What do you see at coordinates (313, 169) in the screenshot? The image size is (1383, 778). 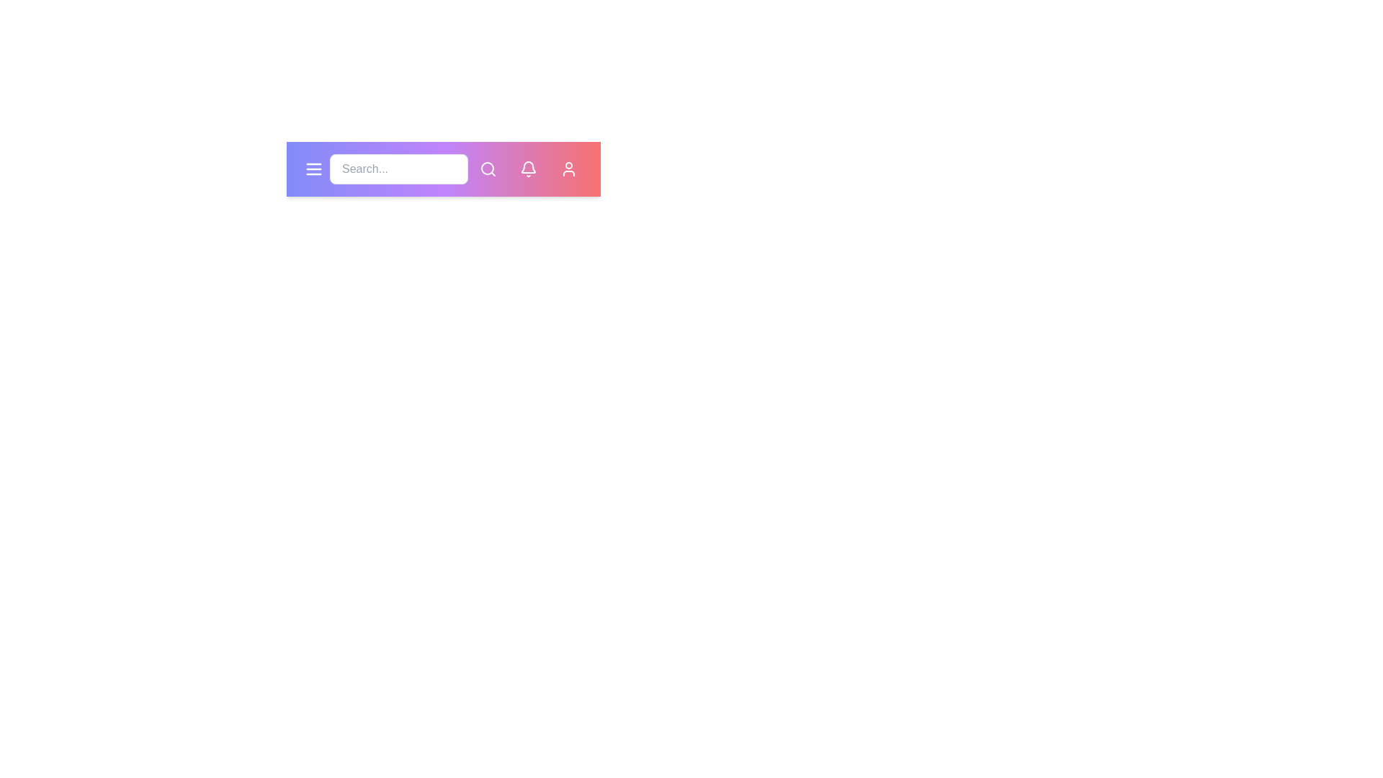 I see `the menu button to open the menu` at bounding box center [313, 169].